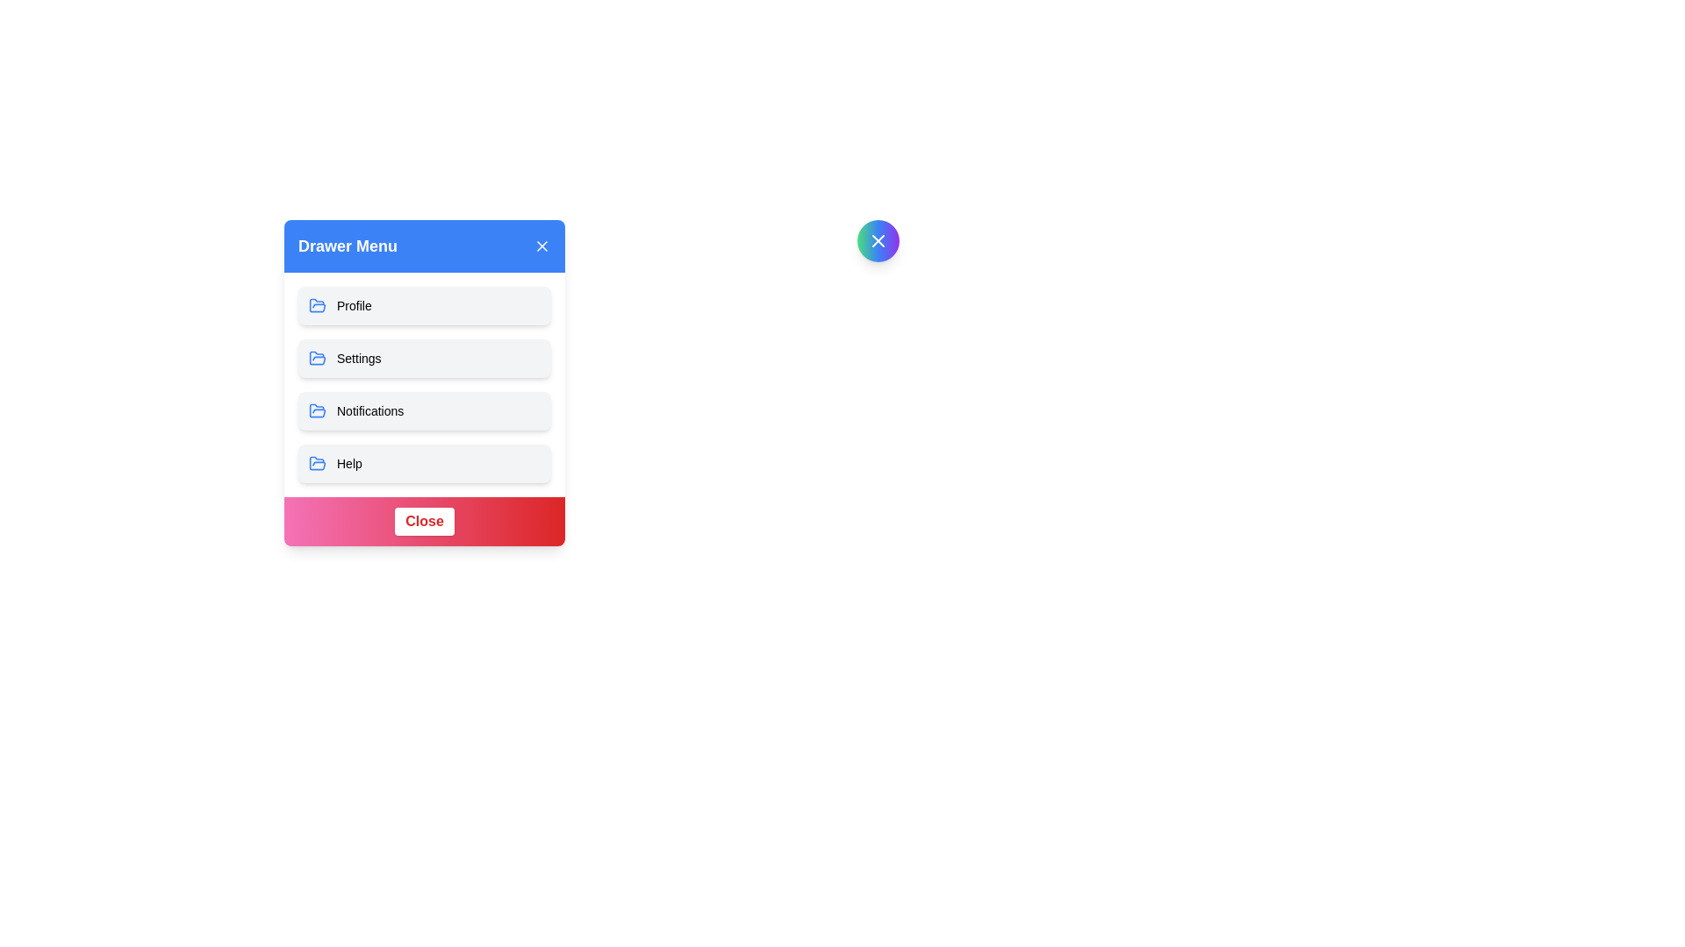 The image size is (1685, 947). What do you see at coordinates (353, 304) in the screenshot?
I see `'Profile' text label located to the right of the folder icon in the first list item of the menu` at bounding box center [353, 304].